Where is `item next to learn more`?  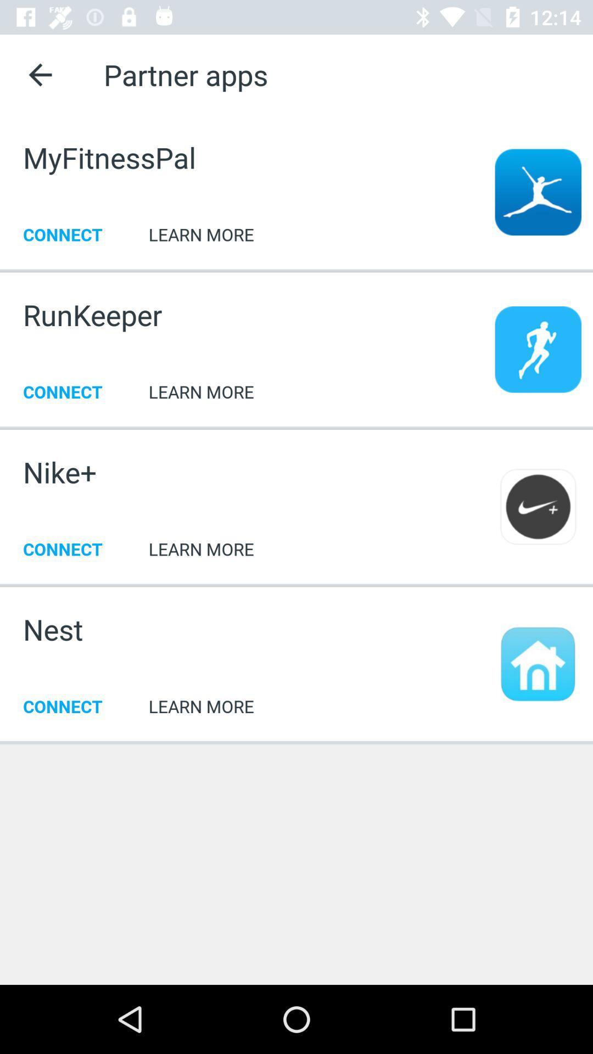 item next to learn more is located at coordinates (60, 472).